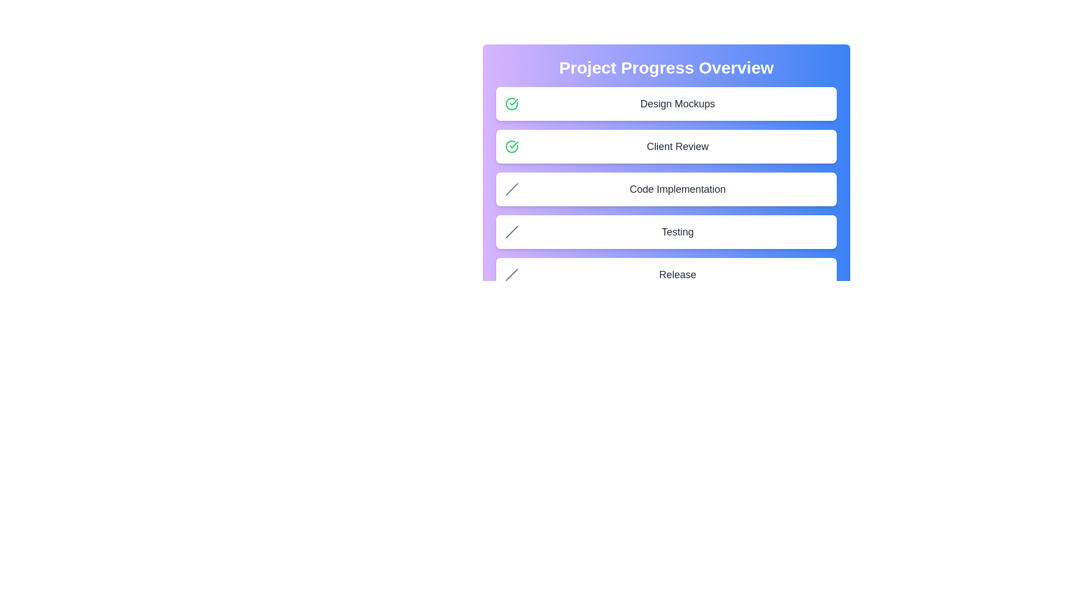 The image size is (1079, 607). What do you see at coordinates (666, 188) in the screenshot?
I see `the third item in the vertically-stacked list of panels labeled 'Code Implementation'` at bounding box center [666, 188].